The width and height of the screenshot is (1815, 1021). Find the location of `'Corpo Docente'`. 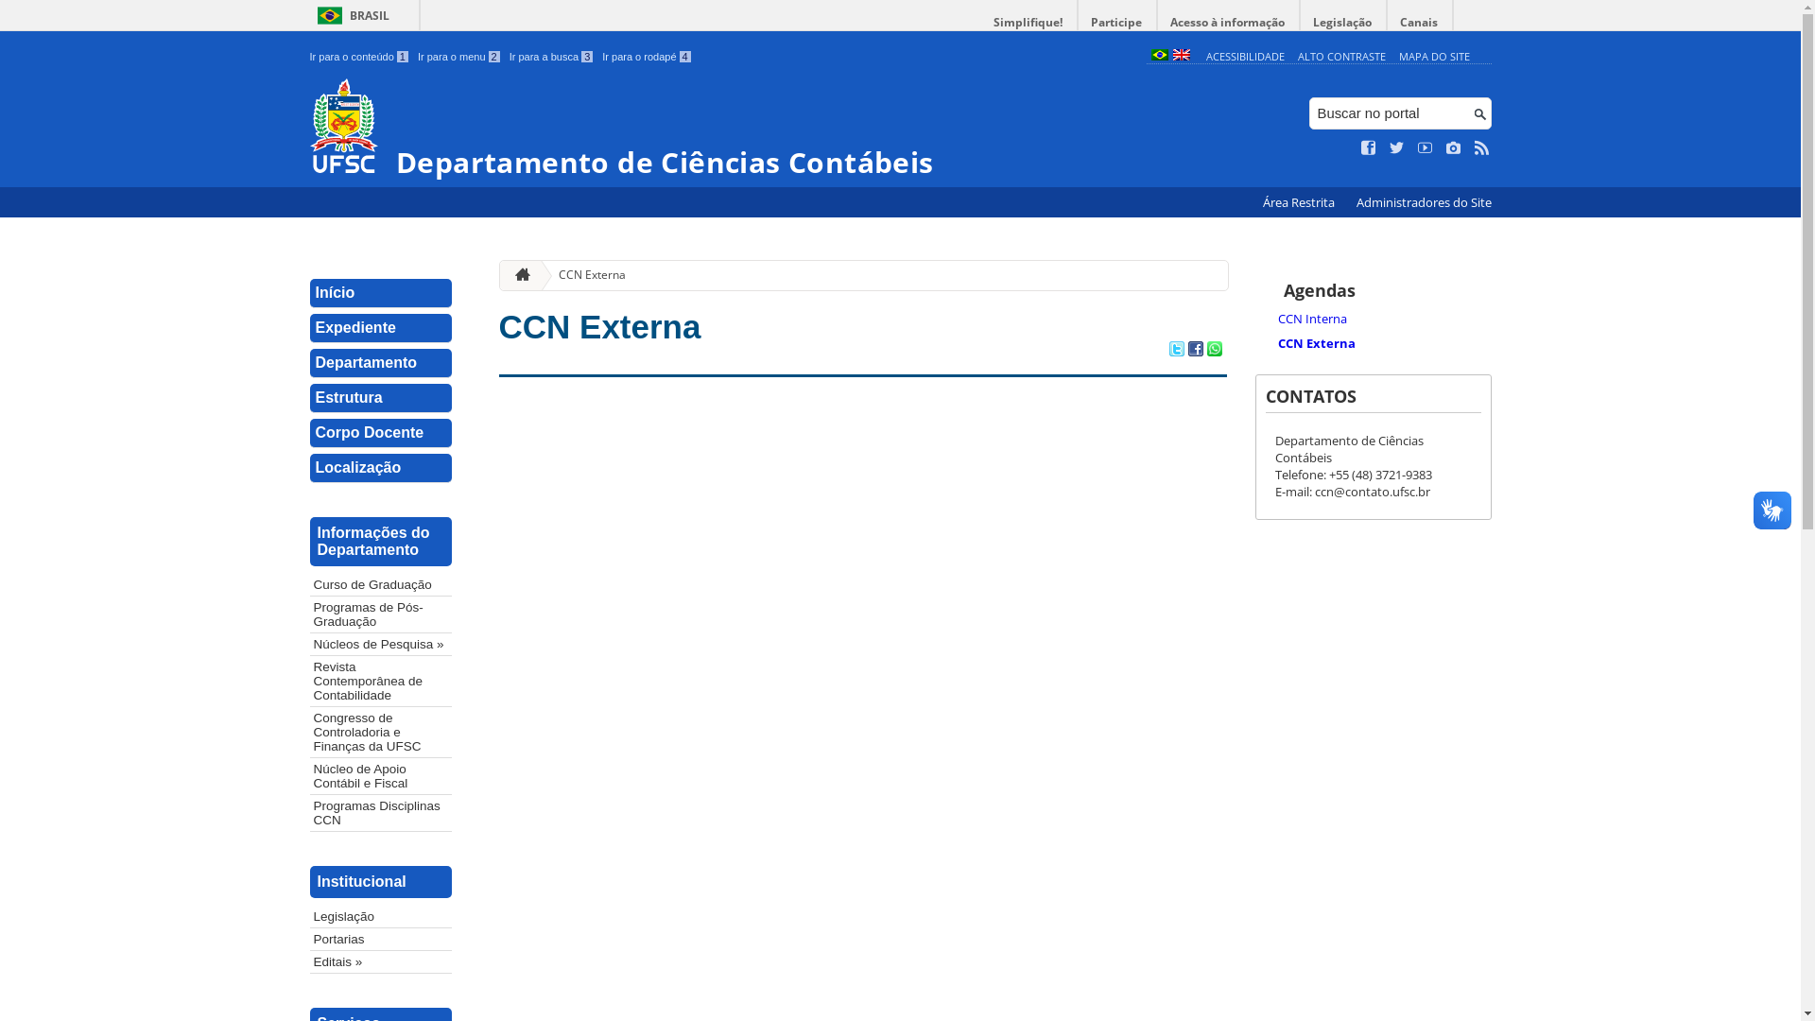

'Corpo Docente' is located at coordinates (309, 433).